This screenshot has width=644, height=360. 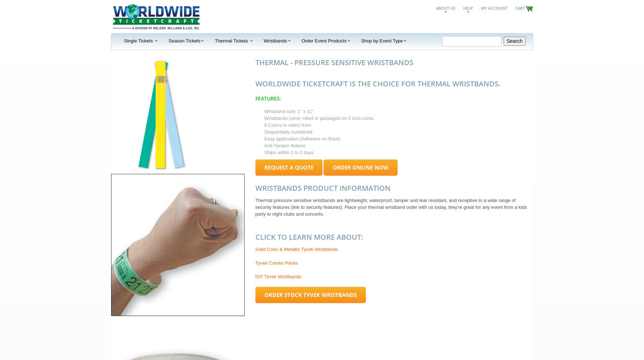 I want to click on 'Season Tickets', so click(x=184, y=40).